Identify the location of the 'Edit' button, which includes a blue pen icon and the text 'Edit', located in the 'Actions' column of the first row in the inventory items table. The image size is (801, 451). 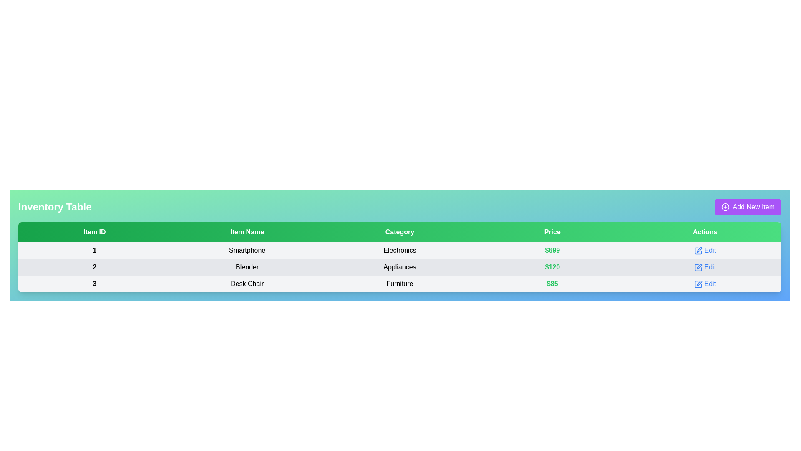
(704, 250).